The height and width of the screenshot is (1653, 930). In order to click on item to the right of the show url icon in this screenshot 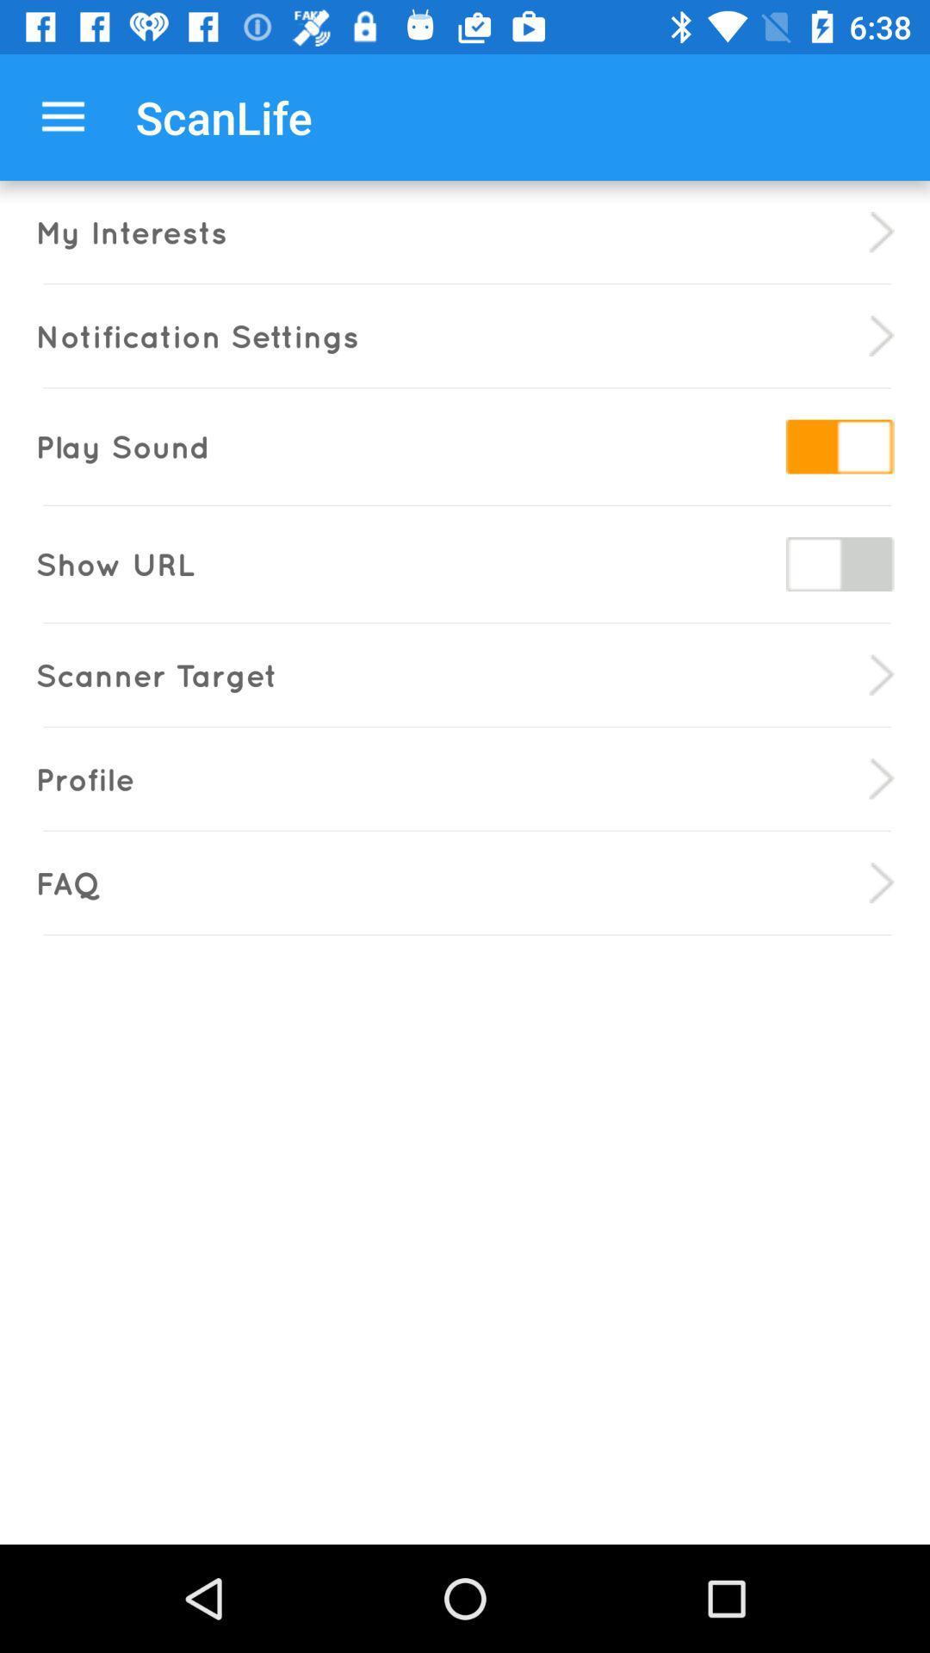, I will do `click(839, 564)`.